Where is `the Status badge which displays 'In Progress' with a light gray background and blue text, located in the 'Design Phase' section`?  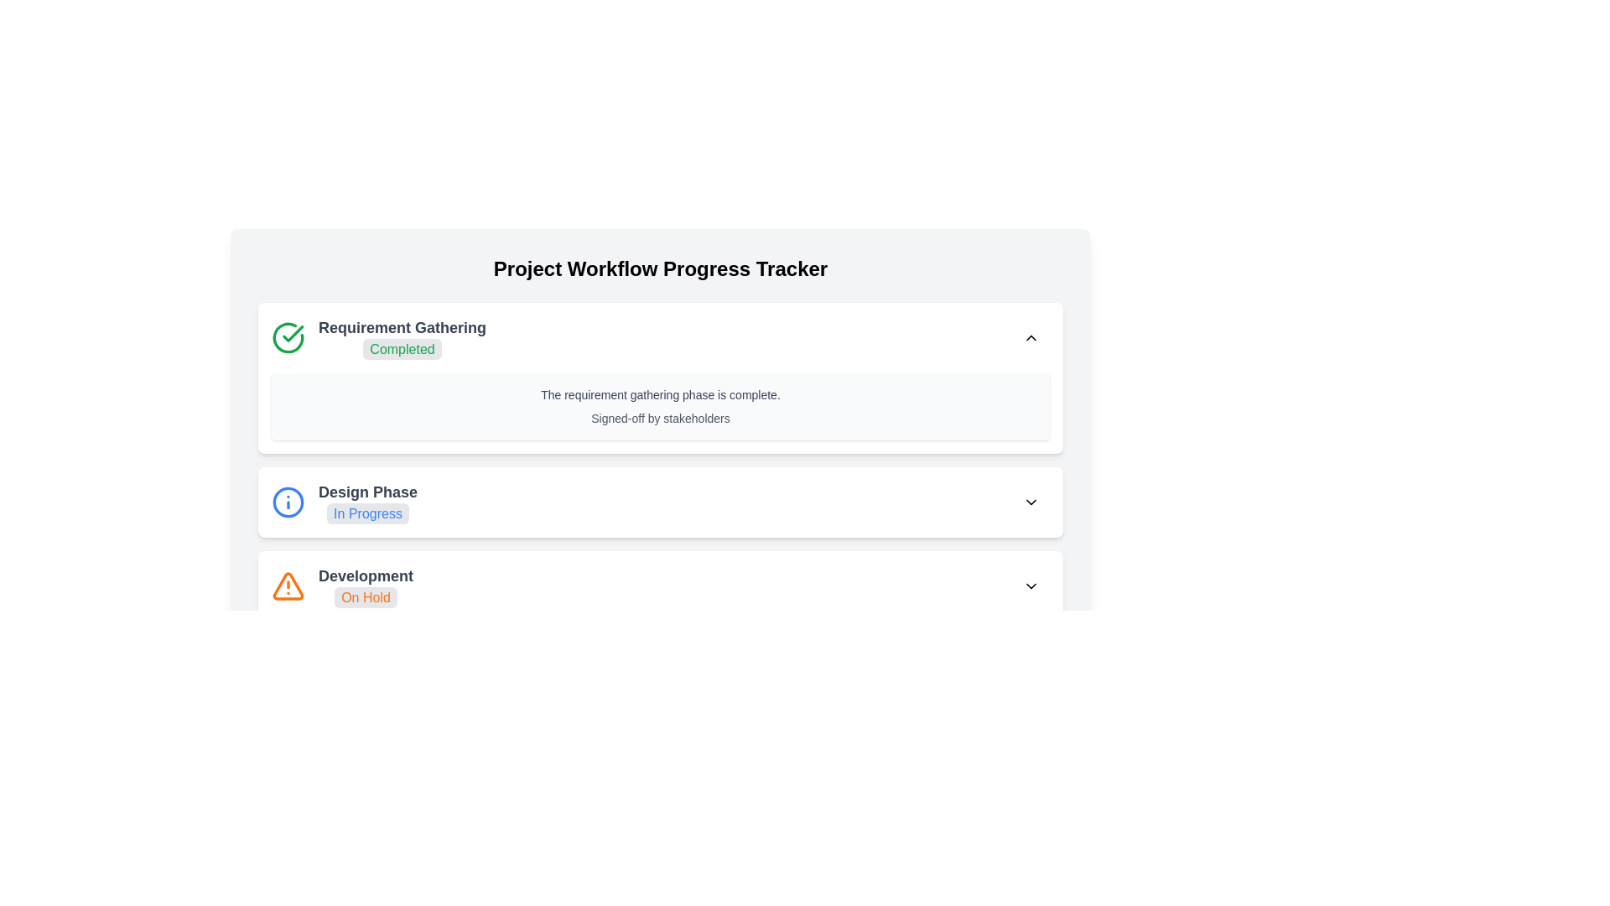
the Status badge which displays 'In Progress' with a light gray background and blue text, located in the 'Design Phase' section is located at coordinates (367, 513).